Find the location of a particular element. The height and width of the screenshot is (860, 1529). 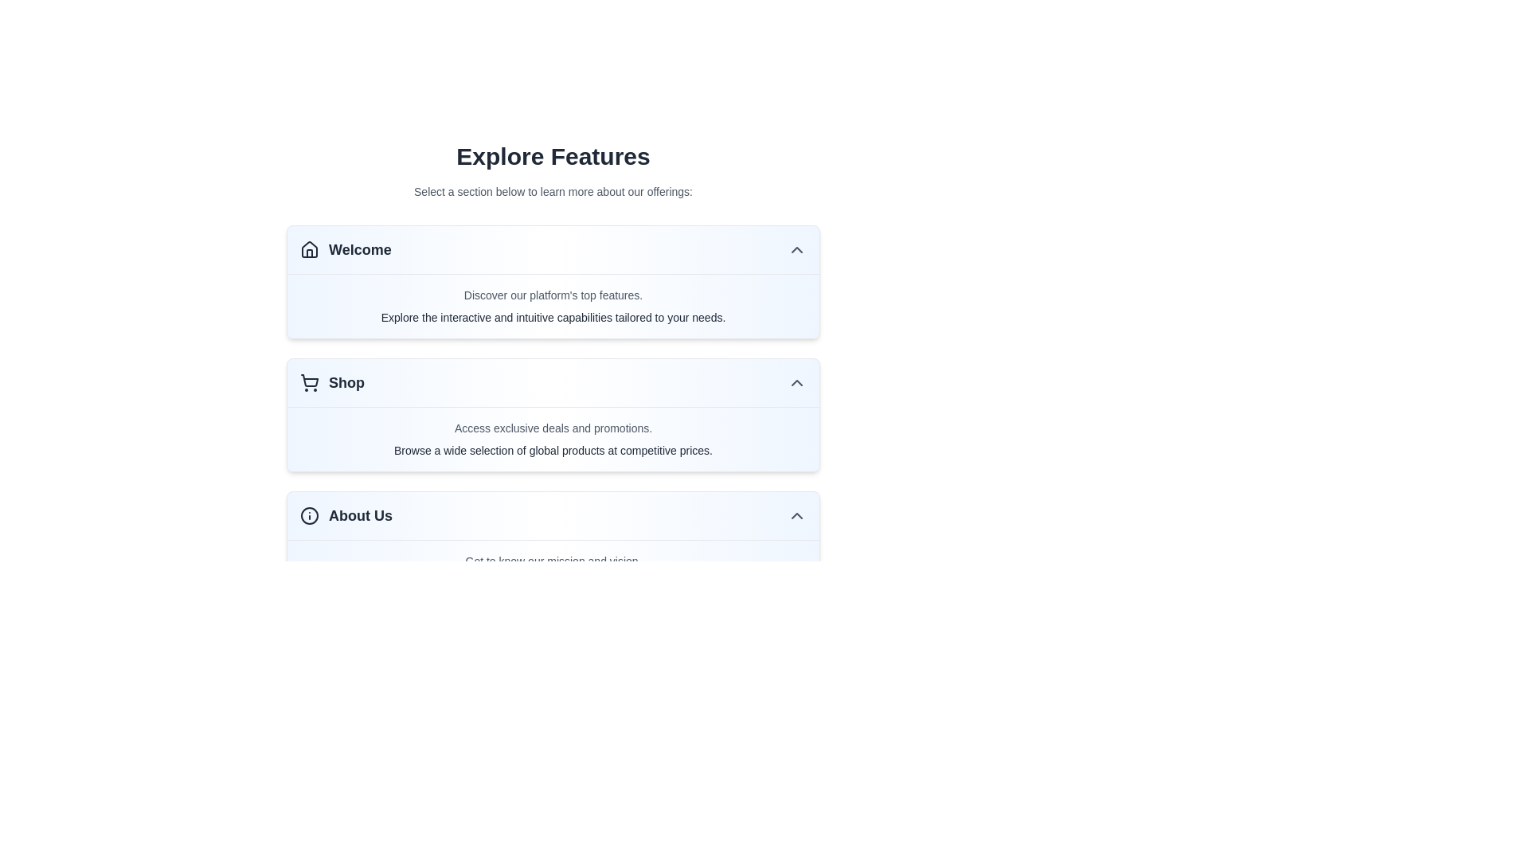

the static text element displaying 'Discover our platform's top features.' which is a small, gray-colored text label positioned above another text in the 'Welcome' section is located at coordinates (553, 295).